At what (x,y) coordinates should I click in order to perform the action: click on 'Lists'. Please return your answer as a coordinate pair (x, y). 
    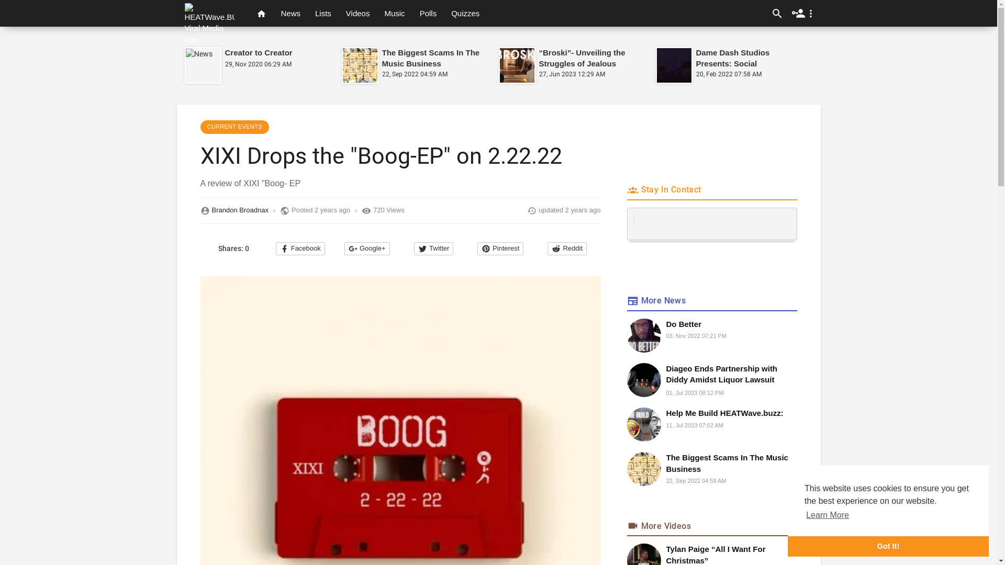
    Looking at the image, I should click on (322, 13).